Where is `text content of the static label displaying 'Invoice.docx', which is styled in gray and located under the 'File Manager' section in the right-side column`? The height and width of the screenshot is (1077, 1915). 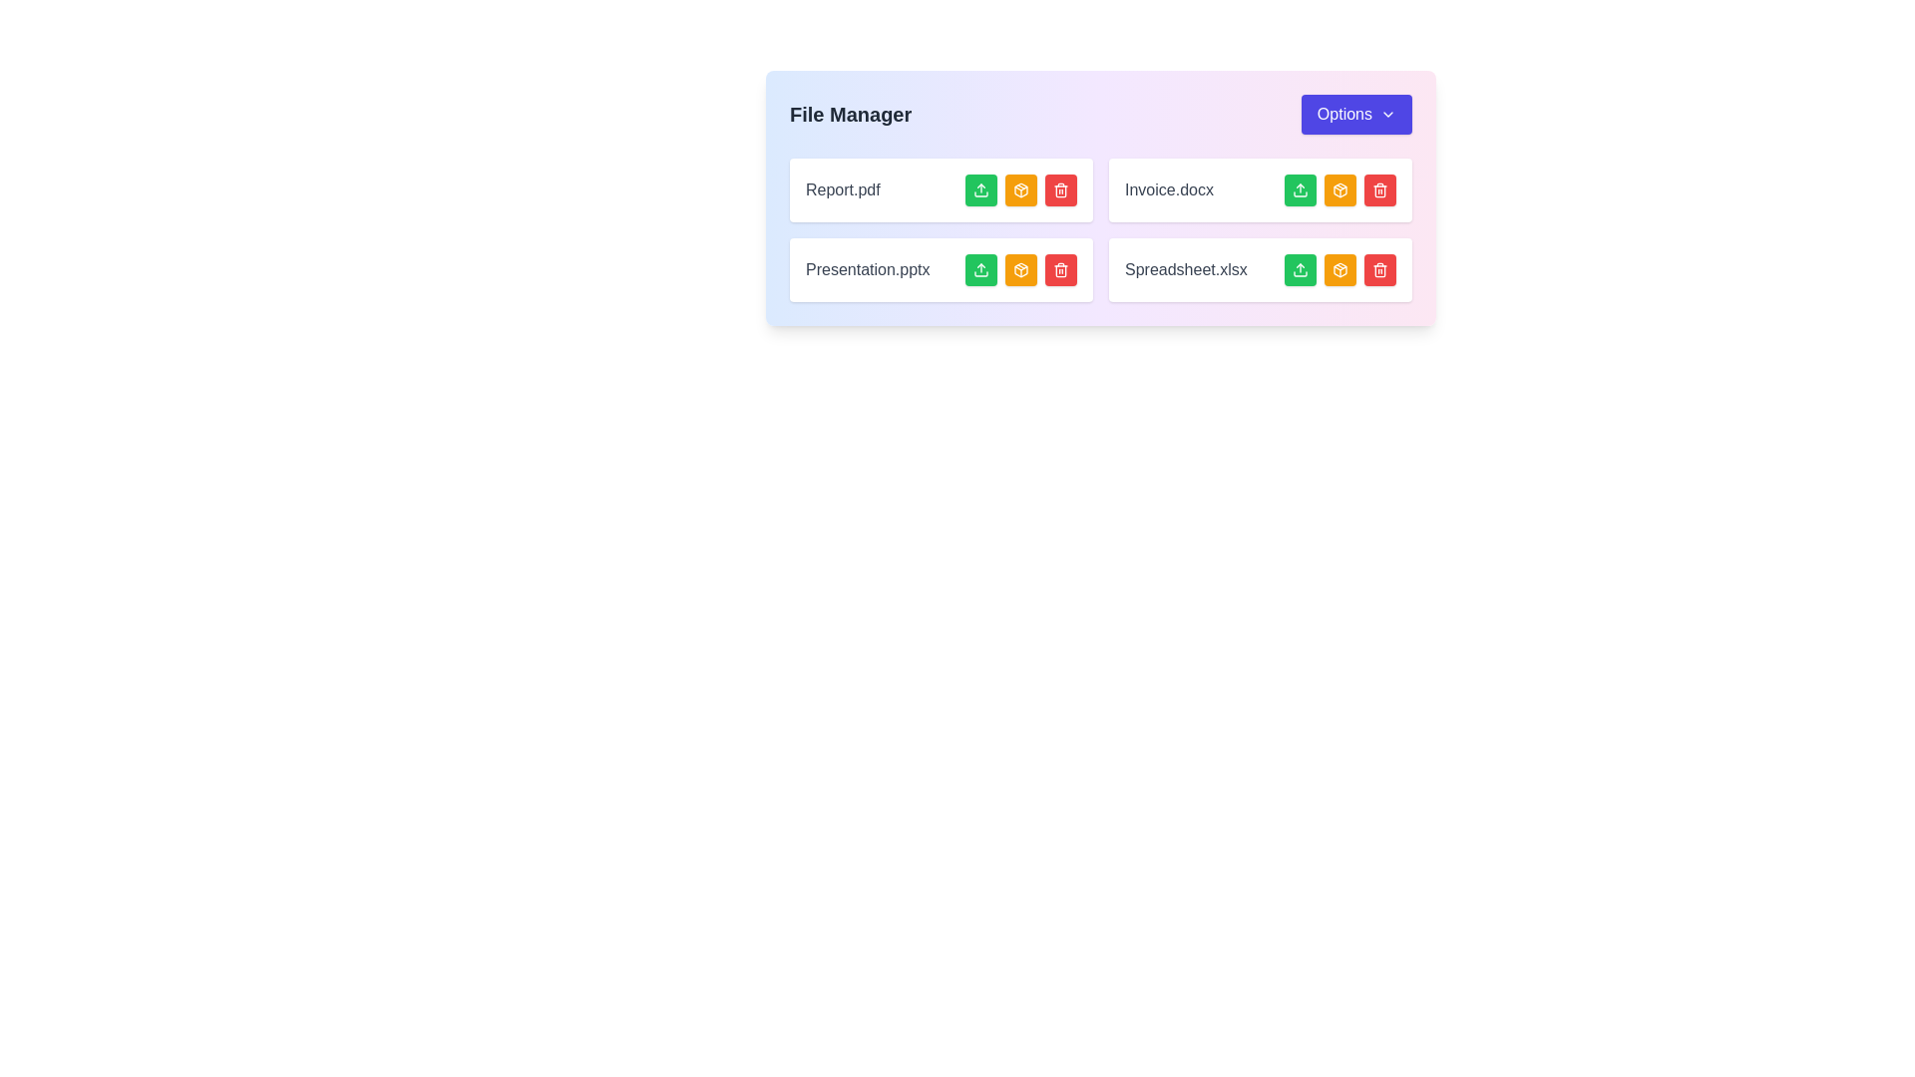
text content of the static label displaying 'Invoice.docx', which is styled in gray and located under the 'File Manager' section in the right-side column is located at coordinates (1169, 190).